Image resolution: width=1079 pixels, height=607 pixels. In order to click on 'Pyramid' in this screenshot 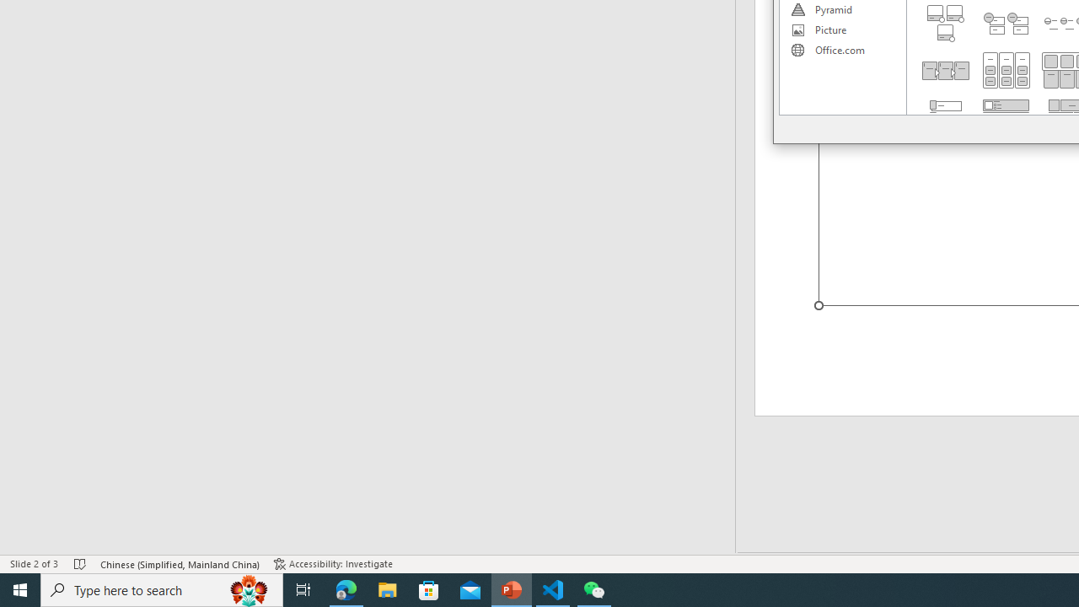, I will do `click(842, 9)`.